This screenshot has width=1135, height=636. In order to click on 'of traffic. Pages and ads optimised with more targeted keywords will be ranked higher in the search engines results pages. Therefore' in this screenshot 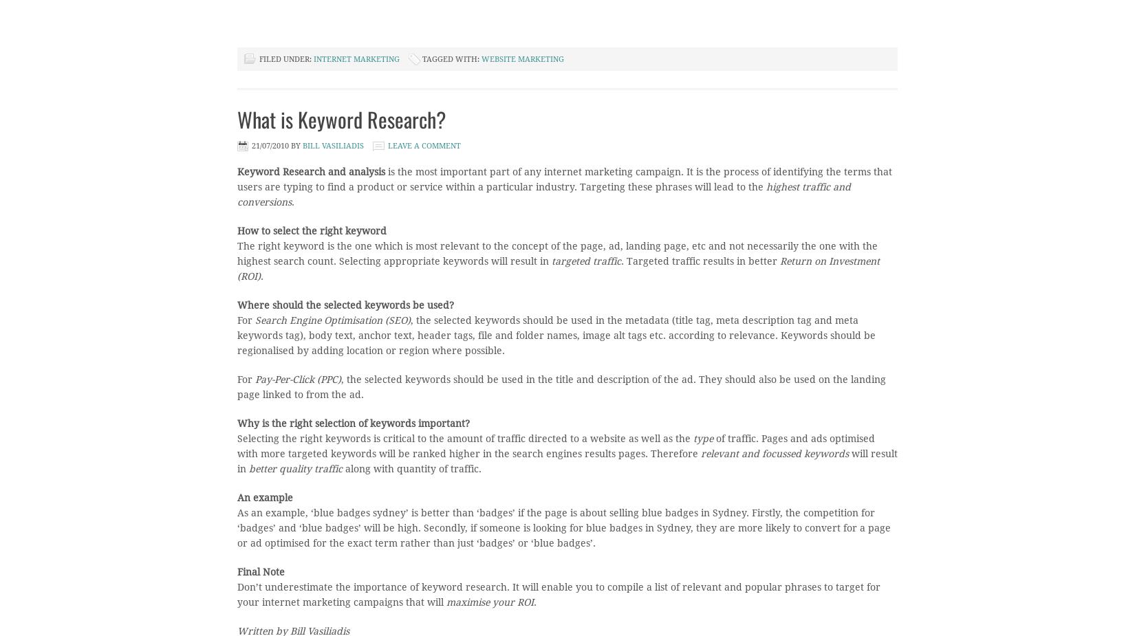, I will do `click(555, 446)`.